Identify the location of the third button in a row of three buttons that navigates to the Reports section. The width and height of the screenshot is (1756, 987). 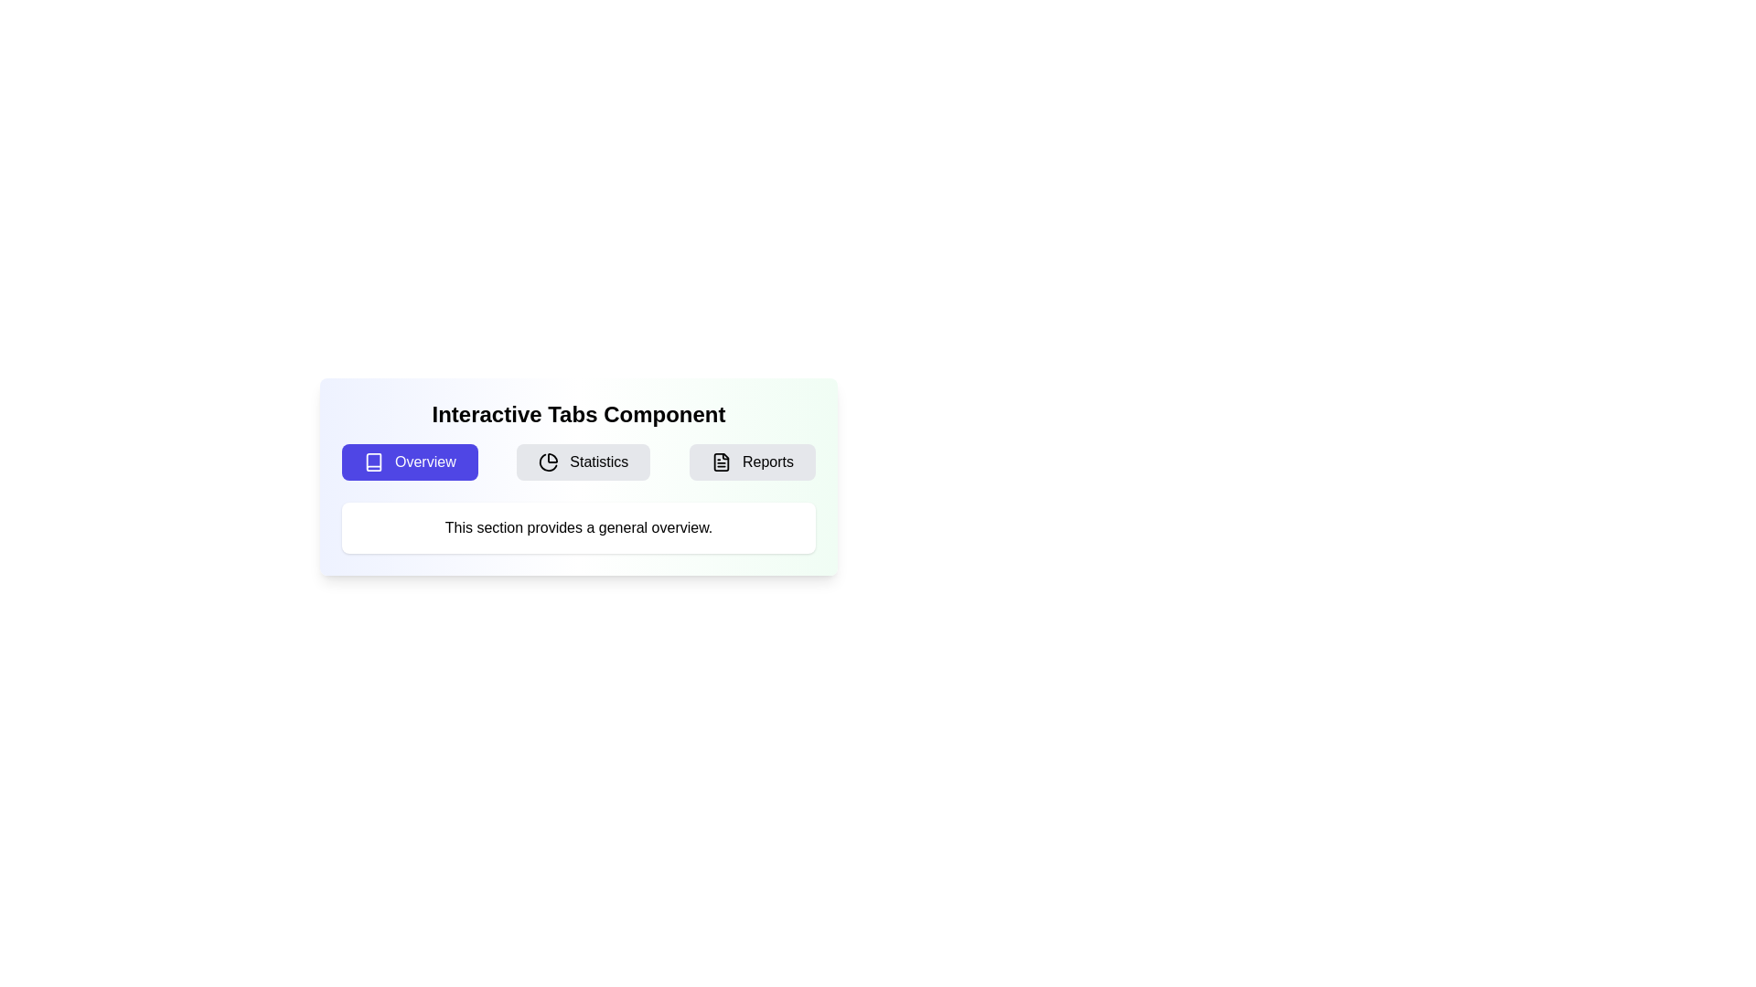
(752, 461).